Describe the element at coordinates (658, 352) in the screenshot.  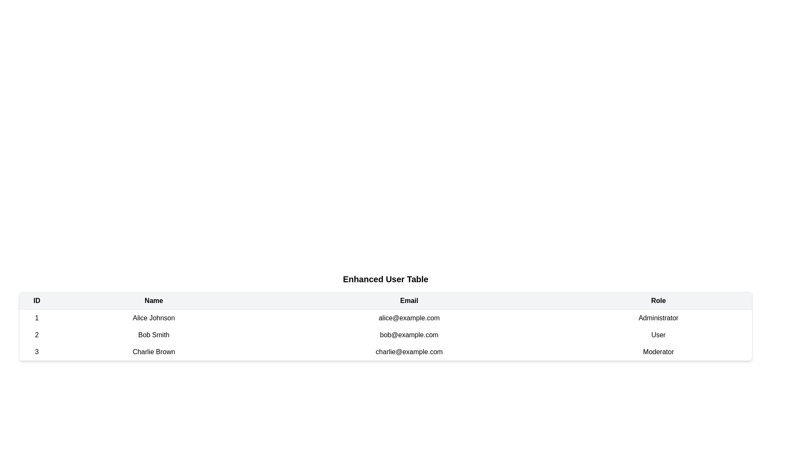
I see `the 'Moderator' label located in the last column of the third row of the table under the 'Role' header, which corresponds to the details of 'Charlie Brown'` at that location.